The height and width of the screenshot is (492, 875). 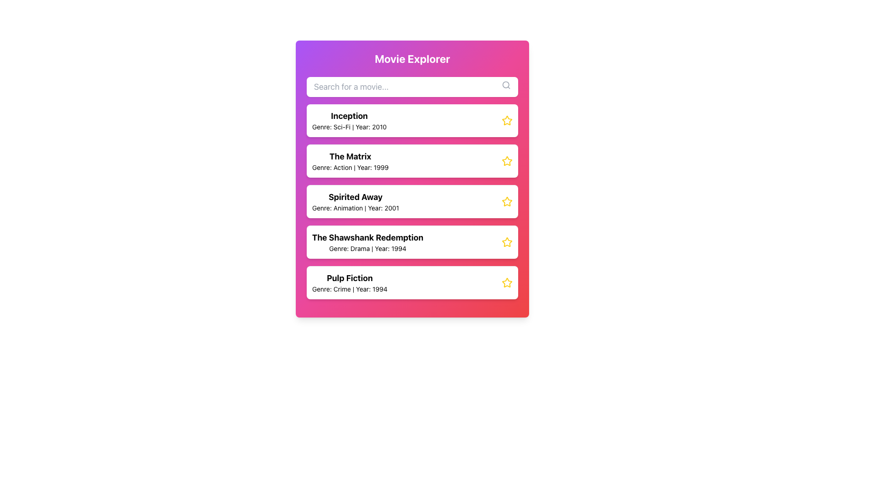 I want to click on the text display for the movie 'Inception', which shows the title and details including genre and release year, located at the top of a vertical list of movie entries, so click(x=349, y=120).